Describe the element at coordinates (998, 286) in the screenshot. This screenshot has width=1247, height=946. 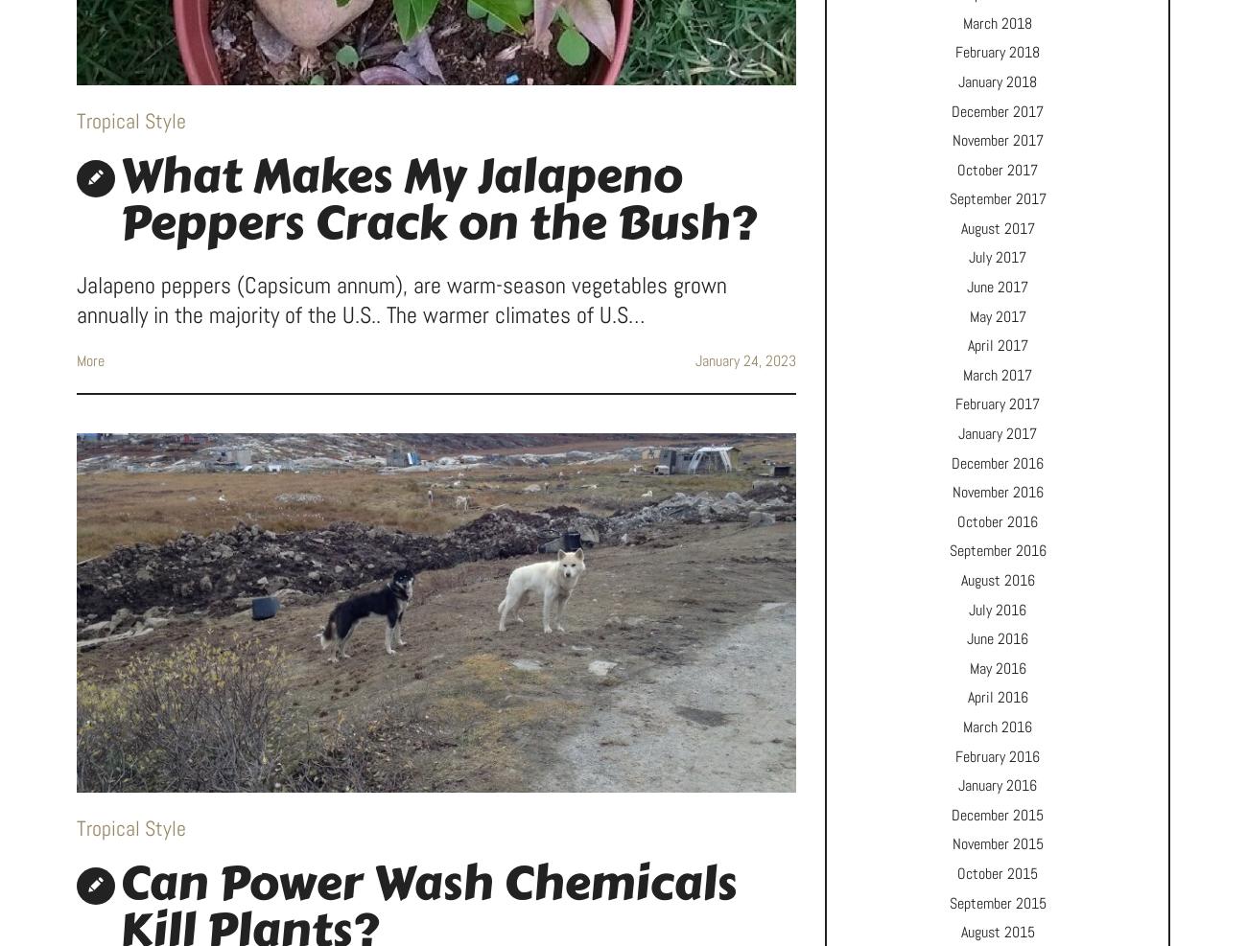
I see `'June 2017'` at that location.